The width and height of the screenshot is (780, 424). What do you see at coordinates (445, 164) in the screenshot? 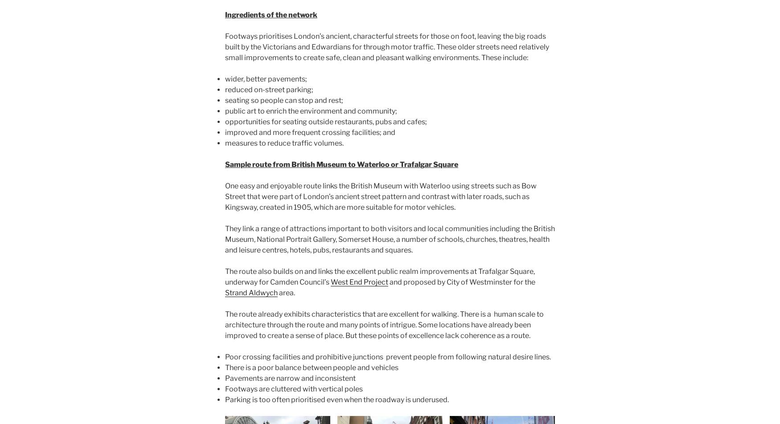
I see `'Square'` at bounding box center [445, 164].